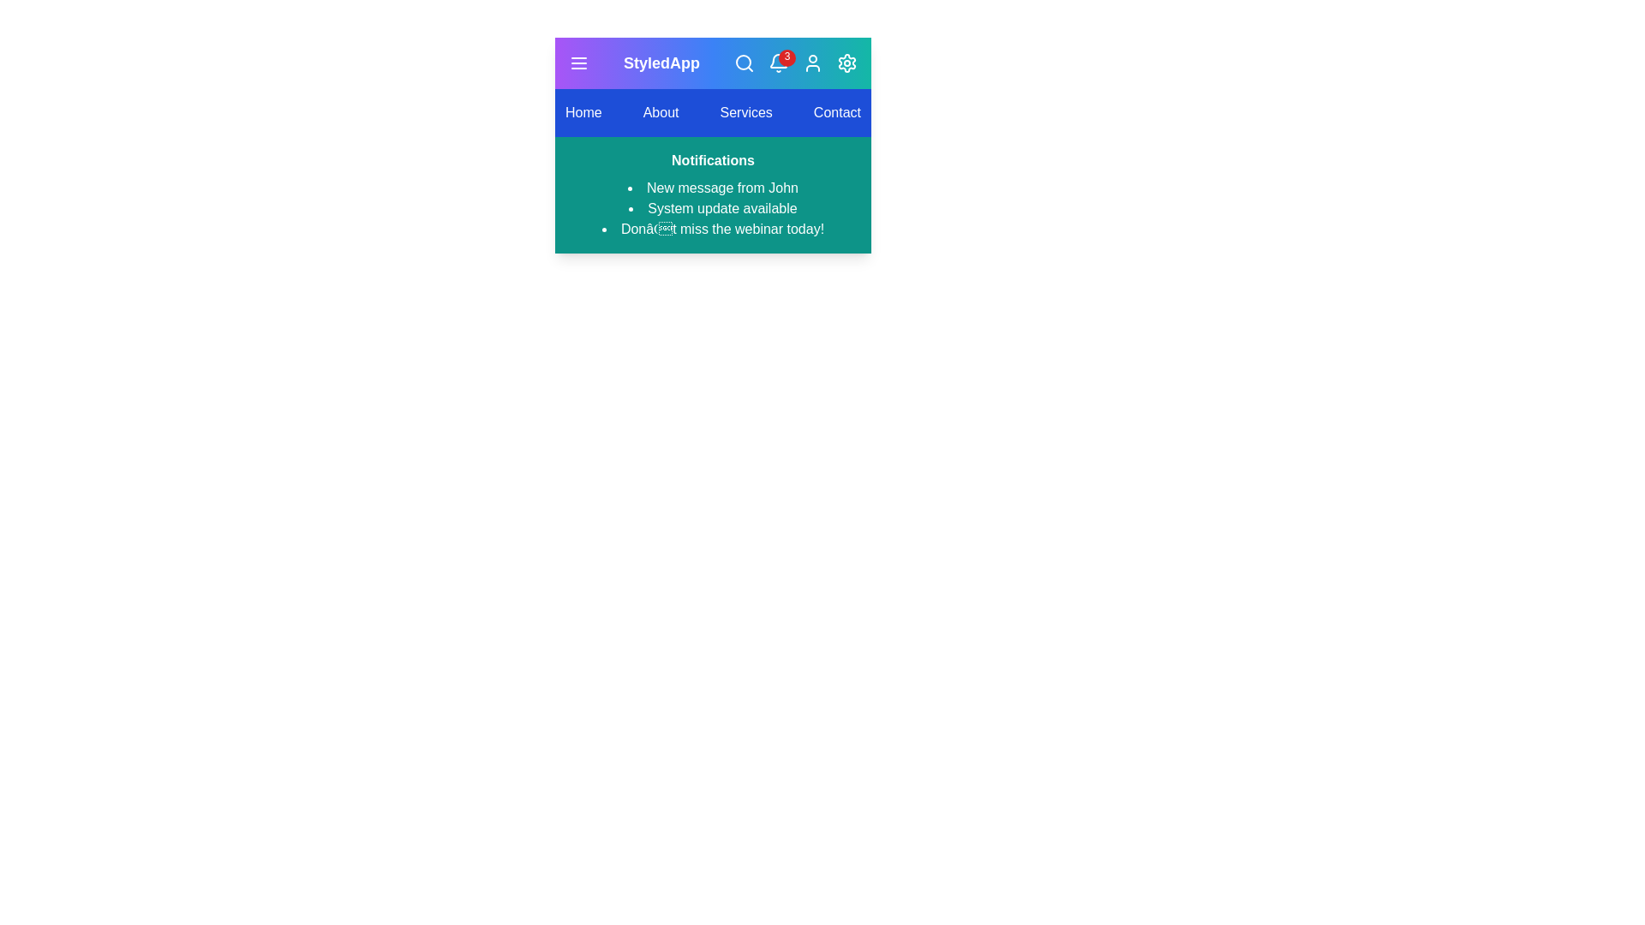 The image size is (1645, 925). Describe the element at coordinates (794, 62) in the screenshot. I see `the circular notification badge displaying the number '3' on a red background, located at the top-right corner of the notification bell icon in the top navigation bar` at that location.